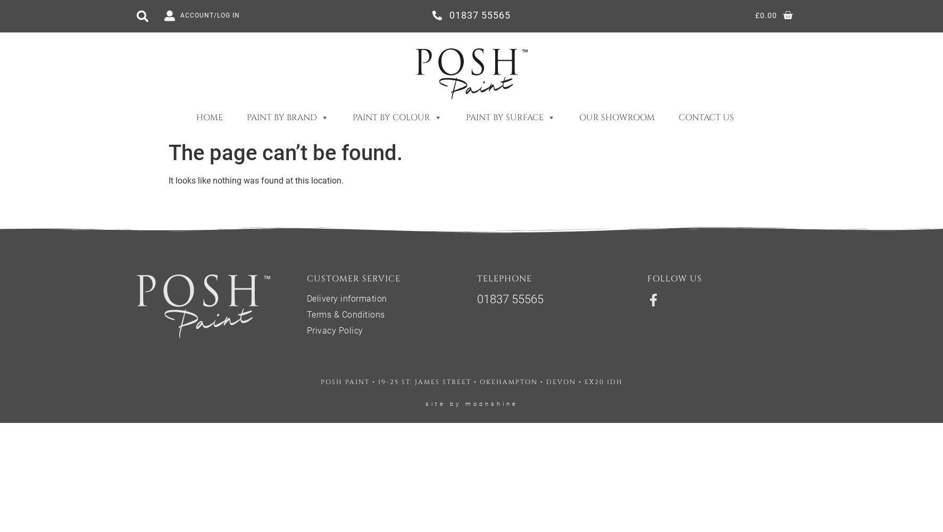 This screenshot has width=943, height=532. Describe the element at coordinates (477, 279) in the screenshot. I see `'telephone'` at that location.